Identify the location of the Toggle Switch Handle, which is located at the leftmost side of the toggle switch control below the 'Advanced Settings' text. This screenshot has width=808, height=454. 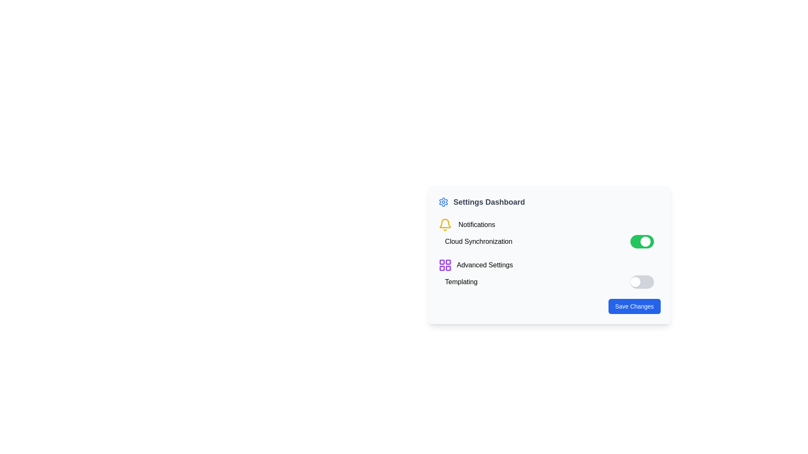
(635, 282).